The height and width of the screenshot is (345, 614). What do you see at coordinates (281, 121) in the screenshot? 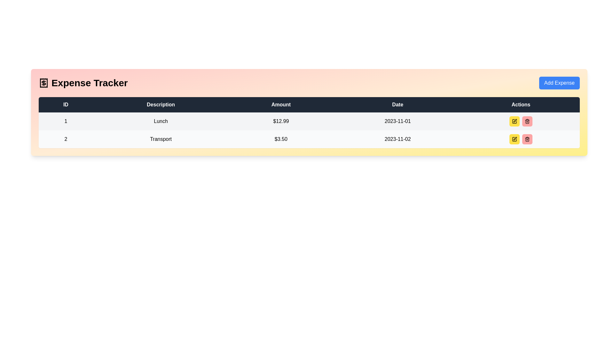
I see `the static text label displaying the monetary value '$12.99' in bold, black font, located in the first row of the table under the 'Amount' header` at bounding box center [281, 121].